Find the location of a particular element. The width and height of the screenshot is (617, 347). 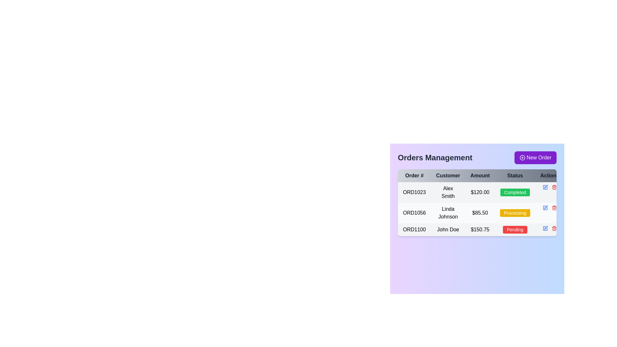

the text label representing the order identifier in the third row of the table under the 'Order #' column is located at coordinates (414, 229).